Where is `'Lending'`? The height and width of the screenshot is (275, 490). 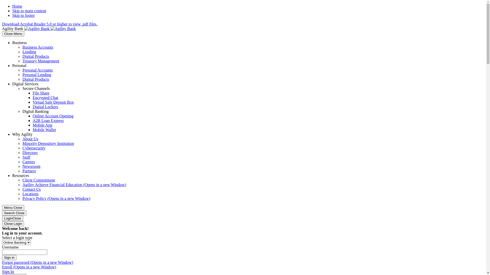
'Lending' is located at coordinates (29, 52).